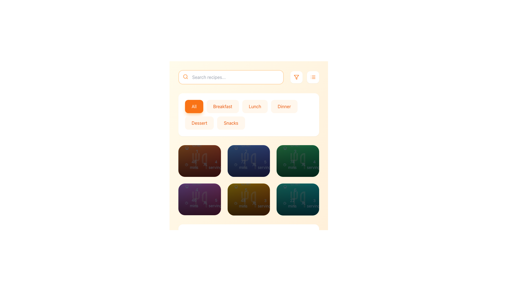 The width and height of the screenshot is (531, 298). What do you see at coordinates (292, 179) in the screenshot?
I see `Text Label element displaying 'Recipe 6' and 'Chef 6' located in the middle row of the grid layout, specifically in the rightmost position of the recipe cards` at bounding box center [292, 179].